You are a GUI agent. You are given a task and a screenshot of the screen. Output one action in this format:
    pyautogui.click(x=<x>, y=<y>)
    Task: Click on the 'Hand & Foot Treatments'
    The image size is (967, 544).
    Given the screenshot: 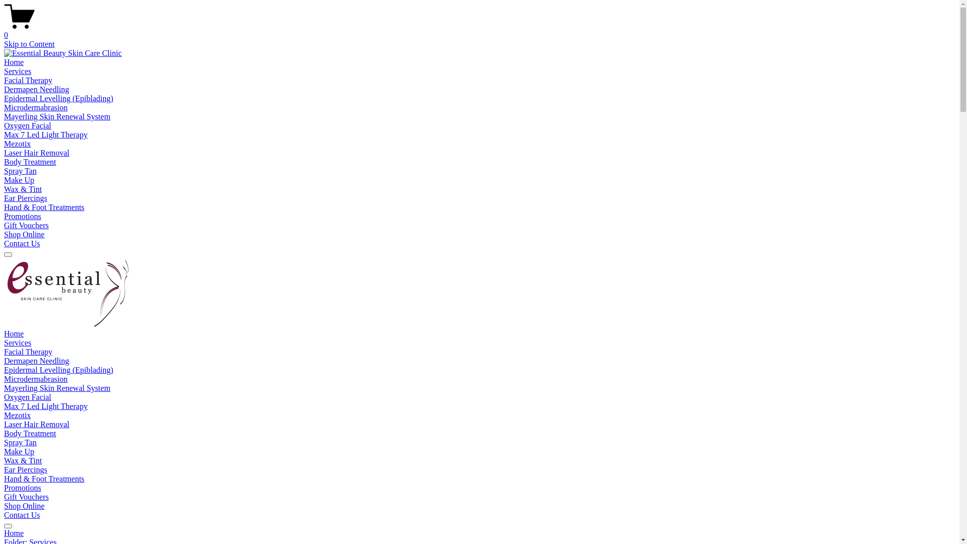 What is the action you would take?
    pyautogui.click(x=43, y=478)
    